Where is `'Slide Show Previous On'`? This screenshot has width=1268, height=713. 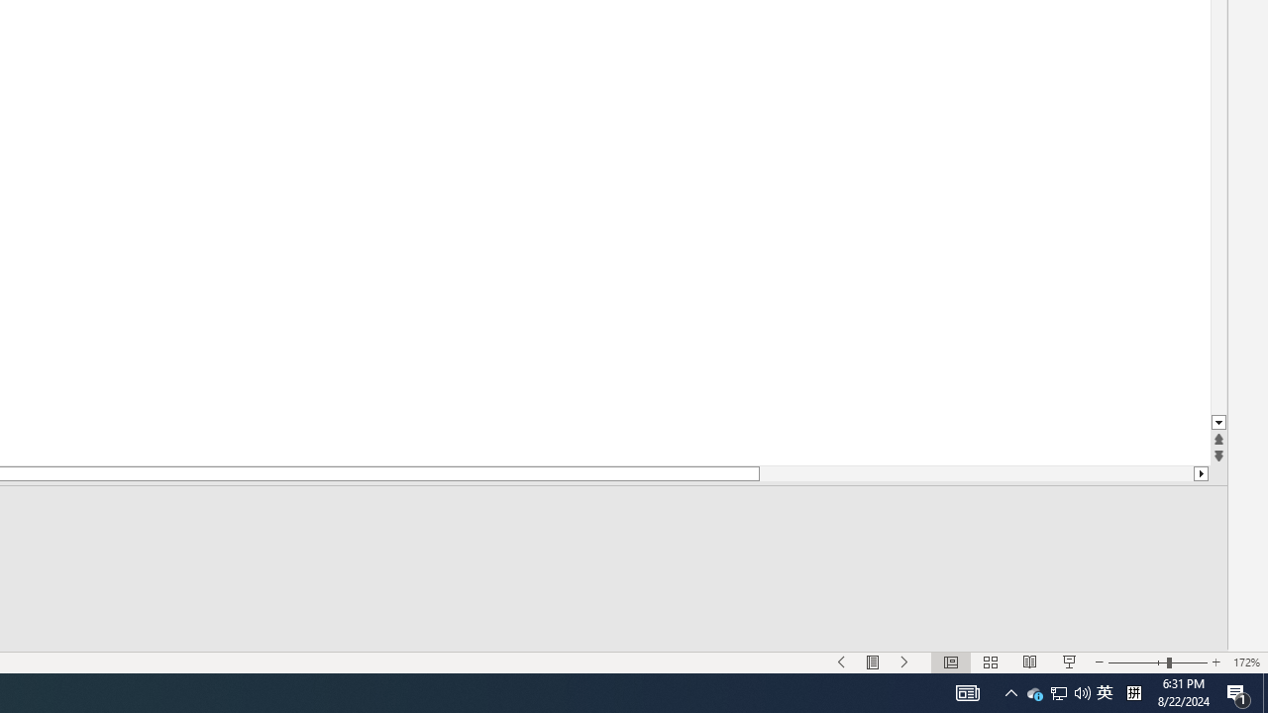
'Slide Show Previous On' is located at coordinates (842, 662).